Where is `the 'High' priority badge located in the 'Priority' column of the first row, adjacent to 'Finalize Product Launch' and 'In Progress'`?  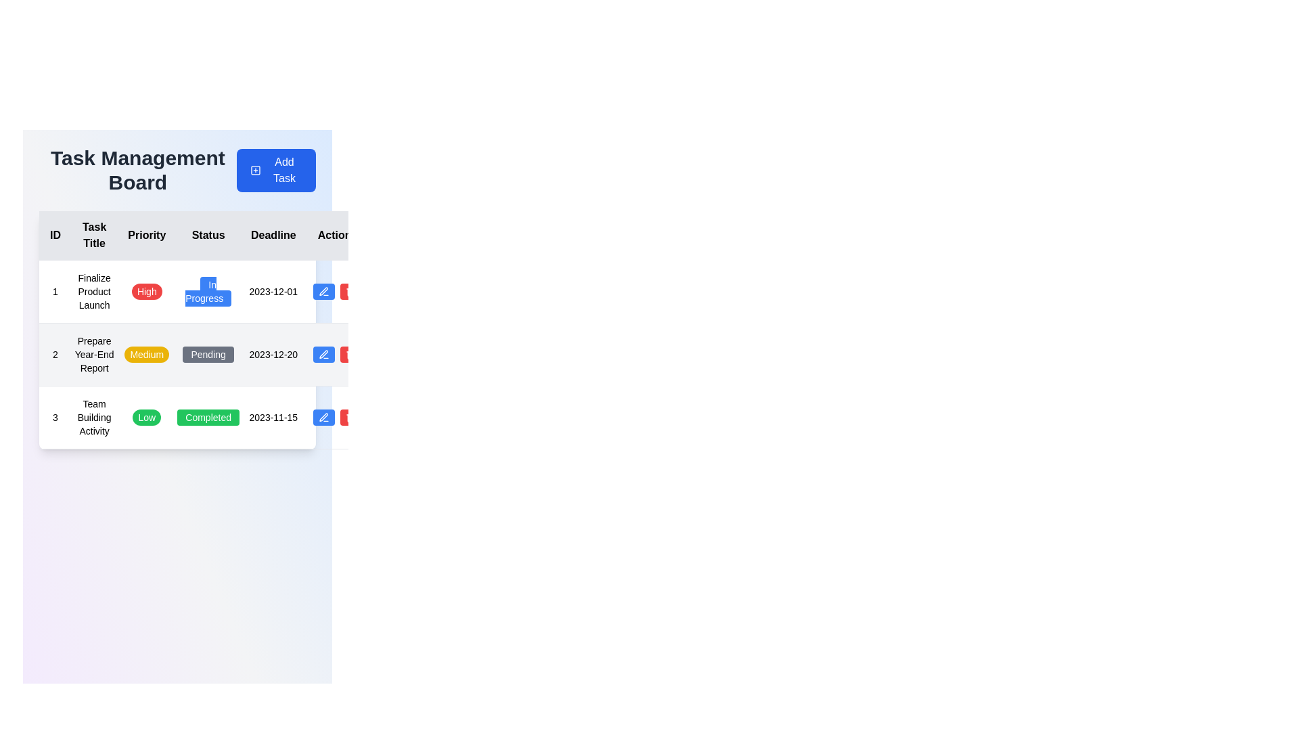 the 'High' priority badge located in the 'Priority' column of the first row, adjacent to 'Finalize Product Launch' and 'In Progress' is located at coordinates (147, 291).